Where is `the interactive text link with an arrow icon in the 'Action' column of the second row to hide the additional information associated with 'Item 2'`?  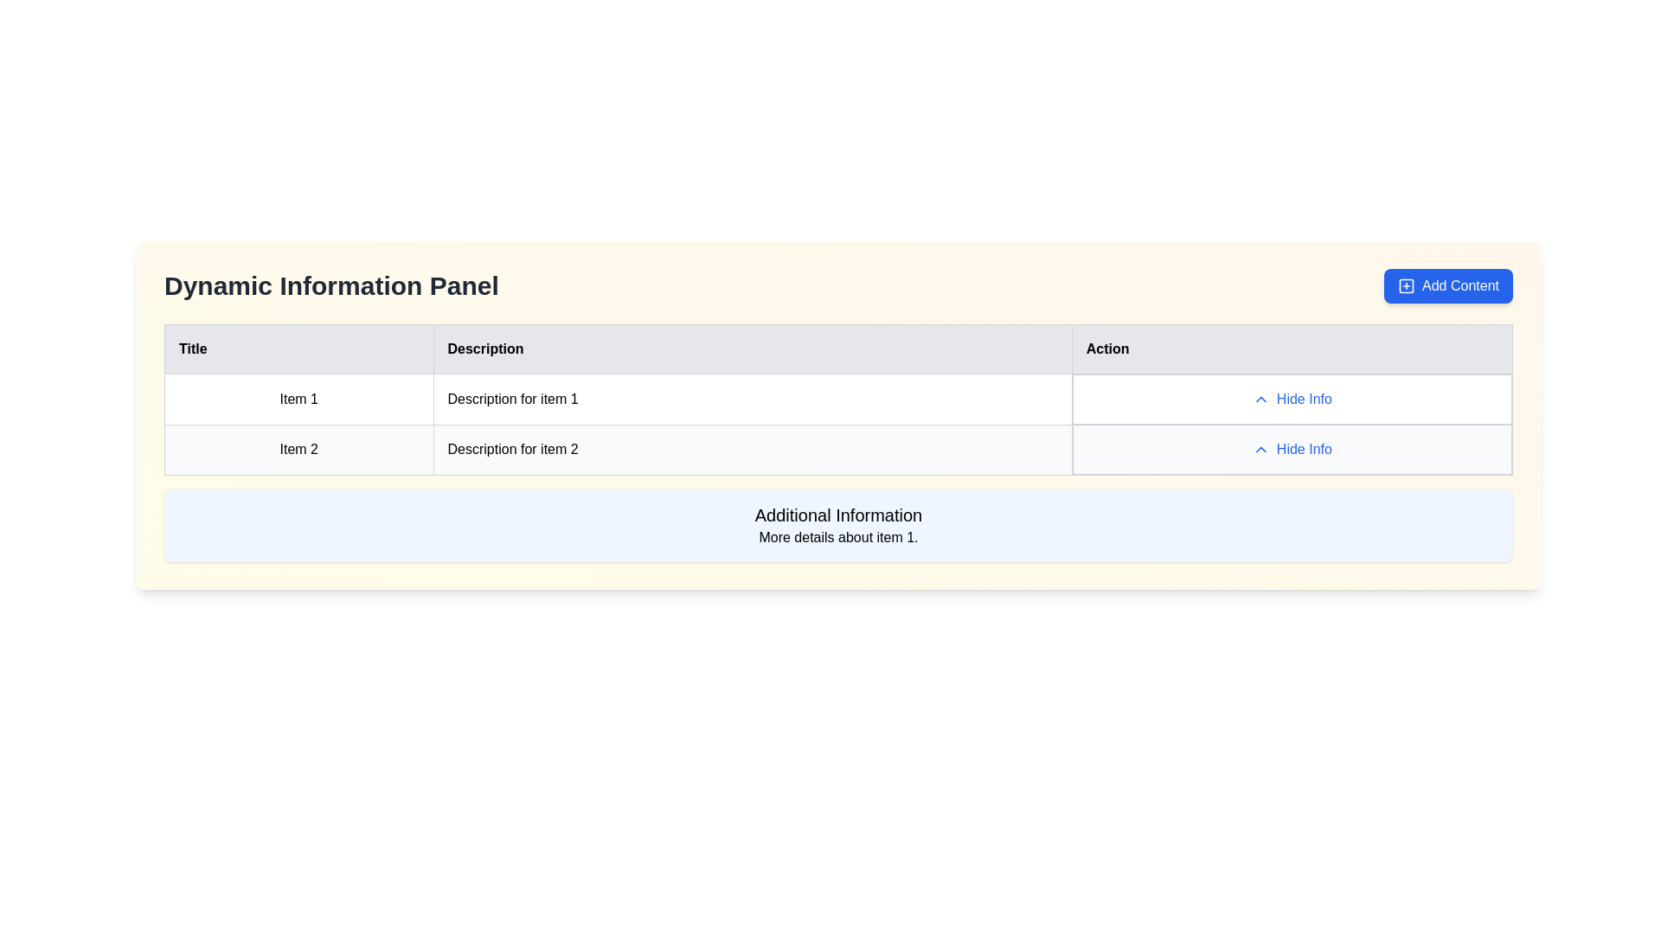 the interactive text link with an arrow icon in the 'Action' column of the second row to hide the additional information associated with 'Item 2' is located at coordinates (1292, 449).